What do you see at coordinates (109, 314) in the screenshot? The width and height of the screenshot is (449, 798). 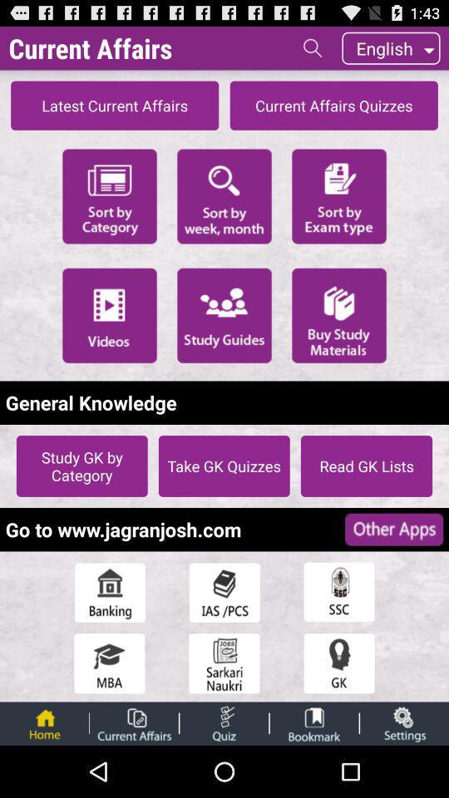 I see `app above the general knowledge app` at bounding box center [109, 314].